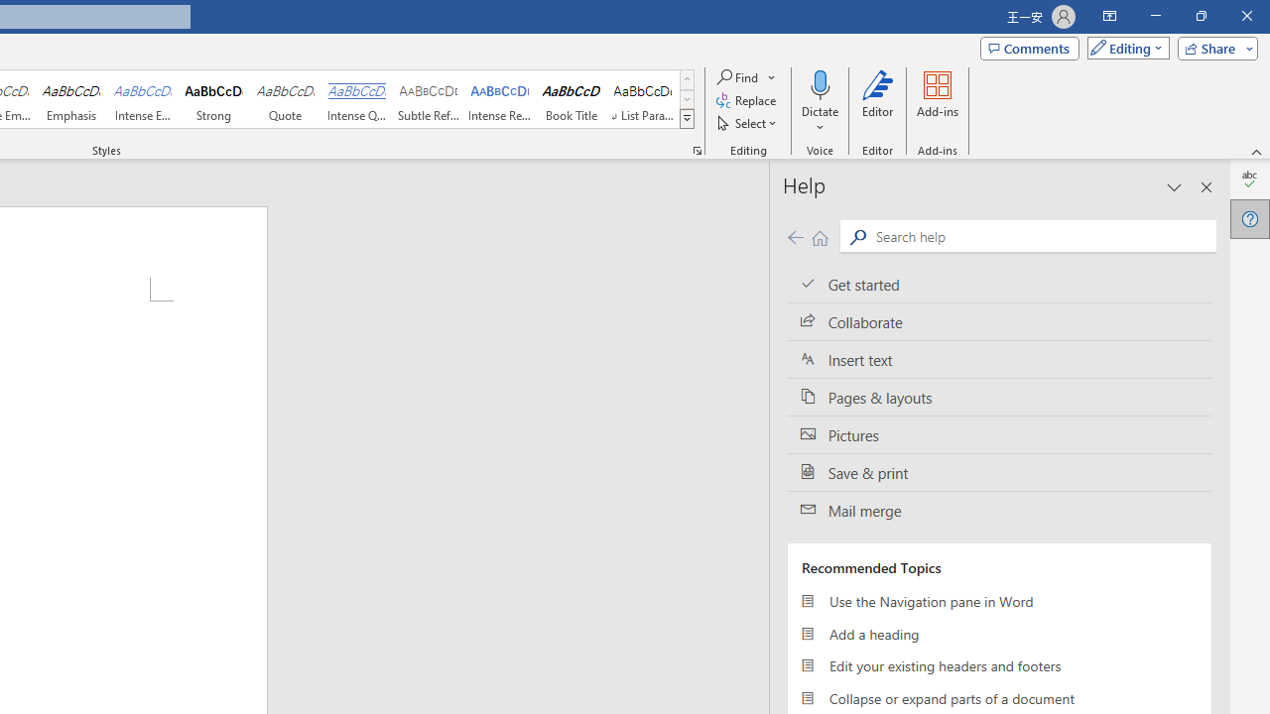 This screenshot has width=1270, height=714. What do you see at coordinates (142, 99) in the screenshot?
I see `'Intense Emphasis'` at bounding box center [142, 99].